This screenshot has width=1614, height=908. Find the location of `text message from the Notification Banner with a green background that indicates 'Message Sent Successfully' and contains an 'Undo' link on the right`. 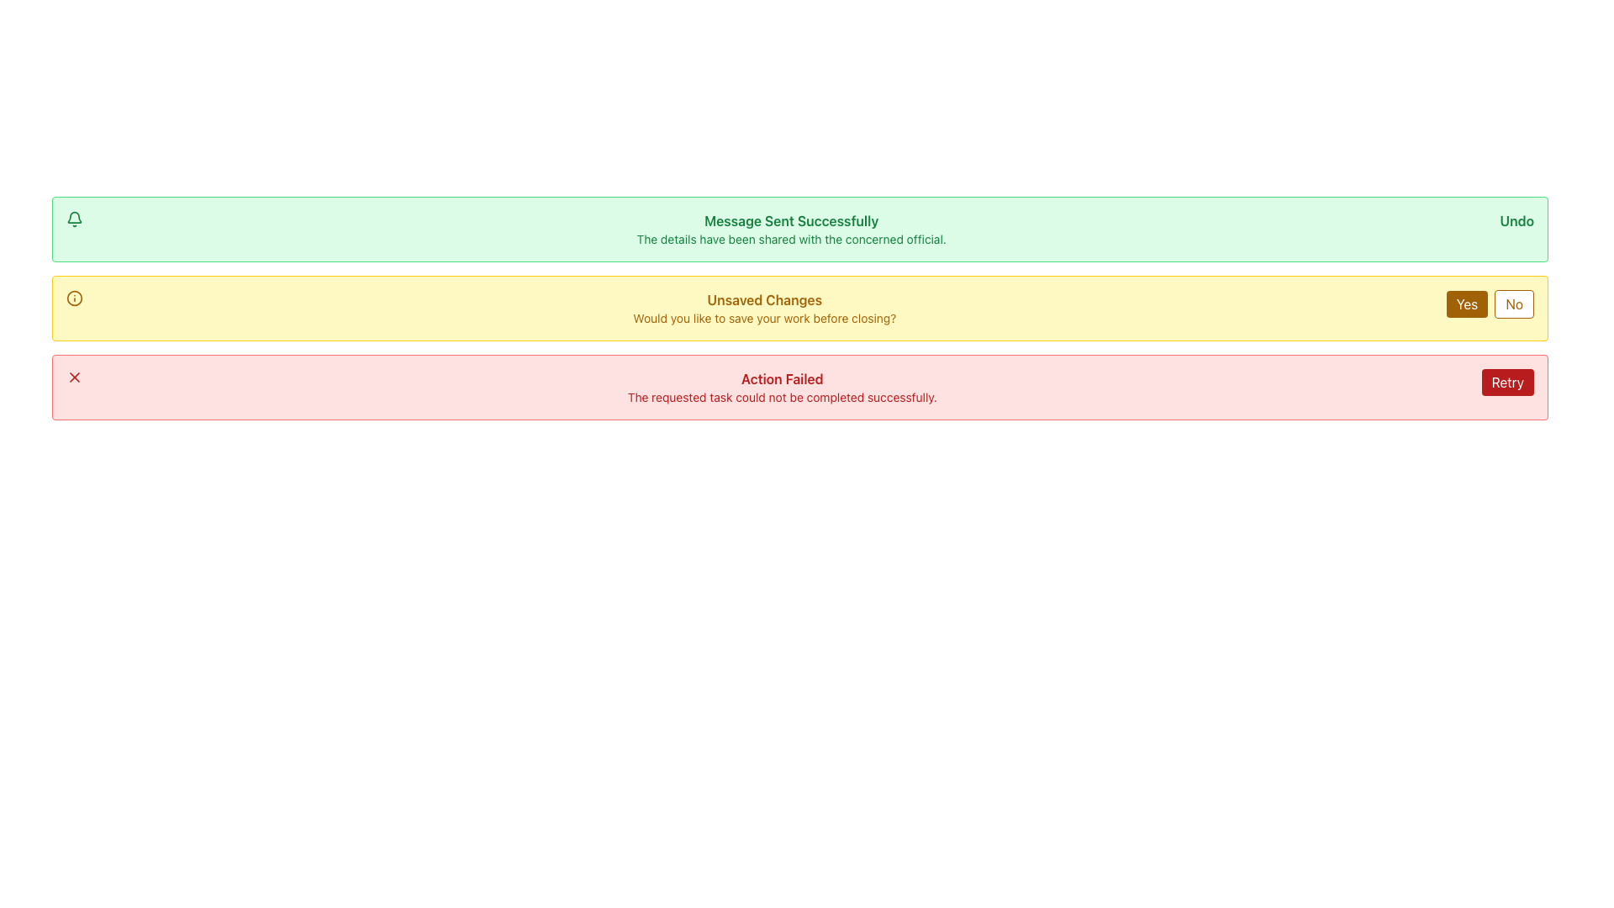

text message from the Notification Banner with a green background that indicates 'Message Sent Successfully' and contains an 'Undo' link on the right is located at coordinates (799, 230).